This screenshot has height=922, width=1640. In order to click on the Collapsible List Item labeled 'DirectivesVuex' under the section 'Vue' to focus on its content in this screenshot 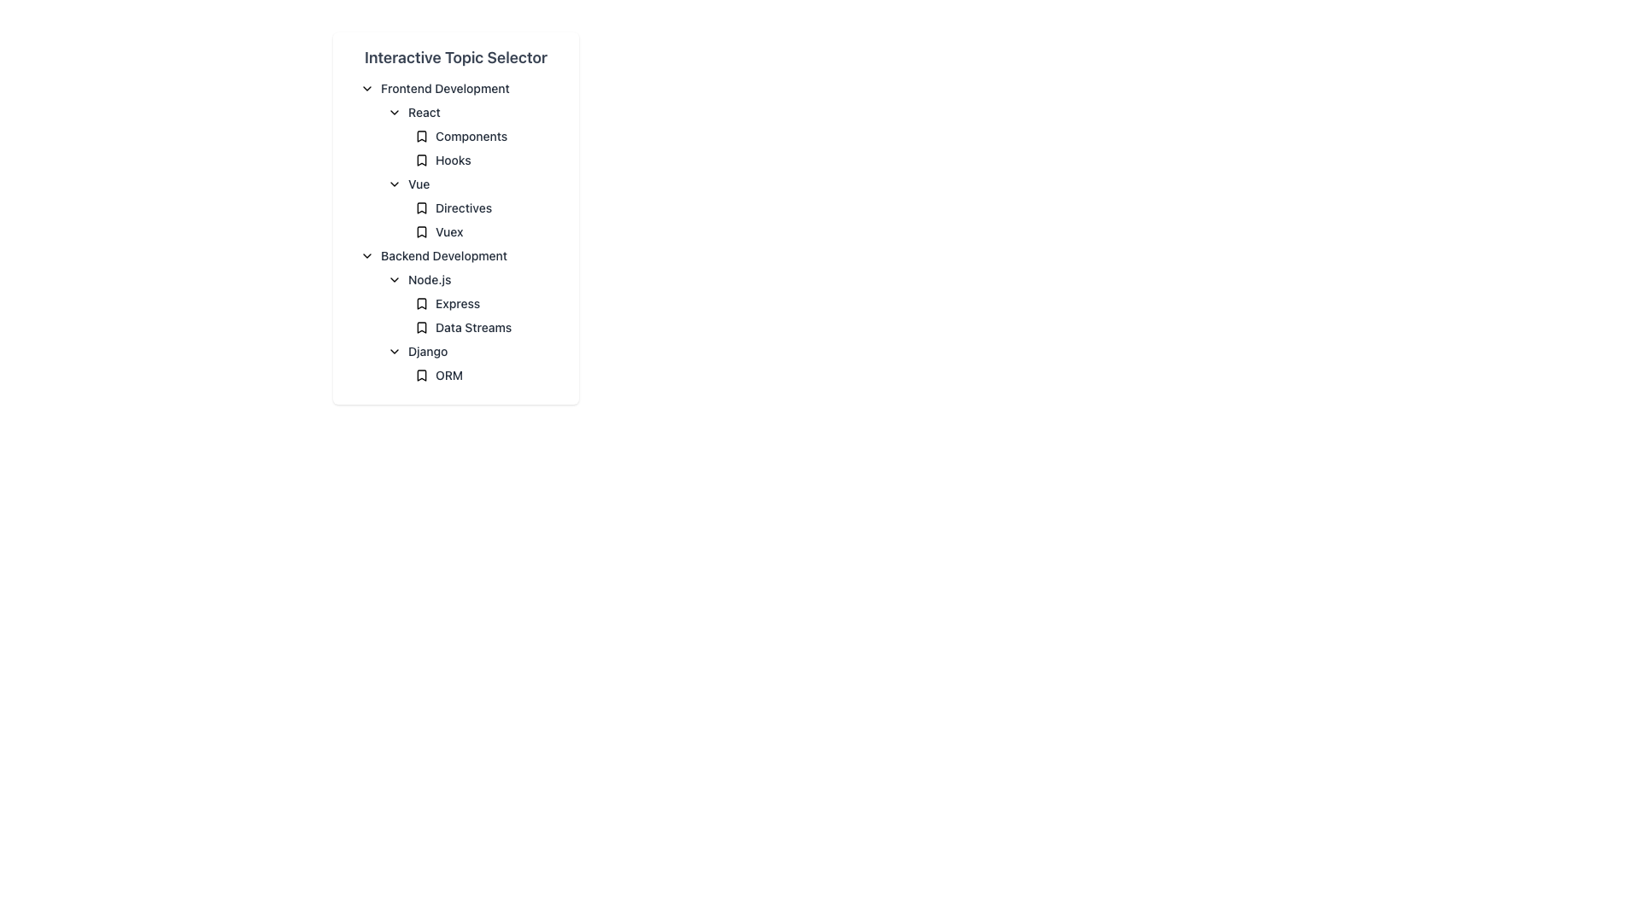, I will do `click(476, 207)`.